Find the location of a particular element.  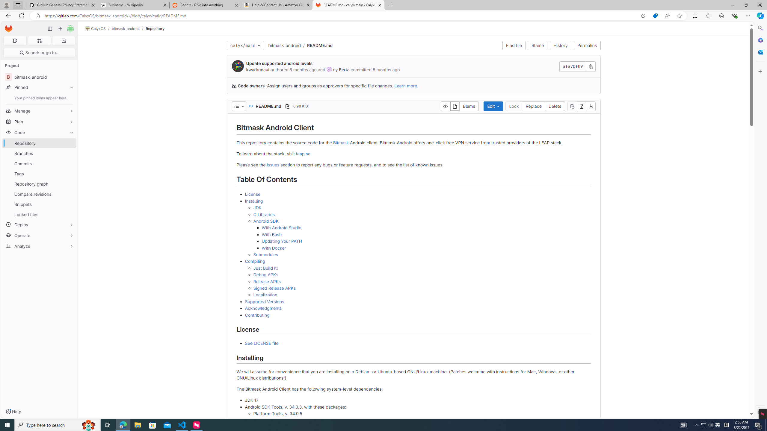

'Class: s16 gl-icon gl-button-icon ' is located at coordinates (590, 66).